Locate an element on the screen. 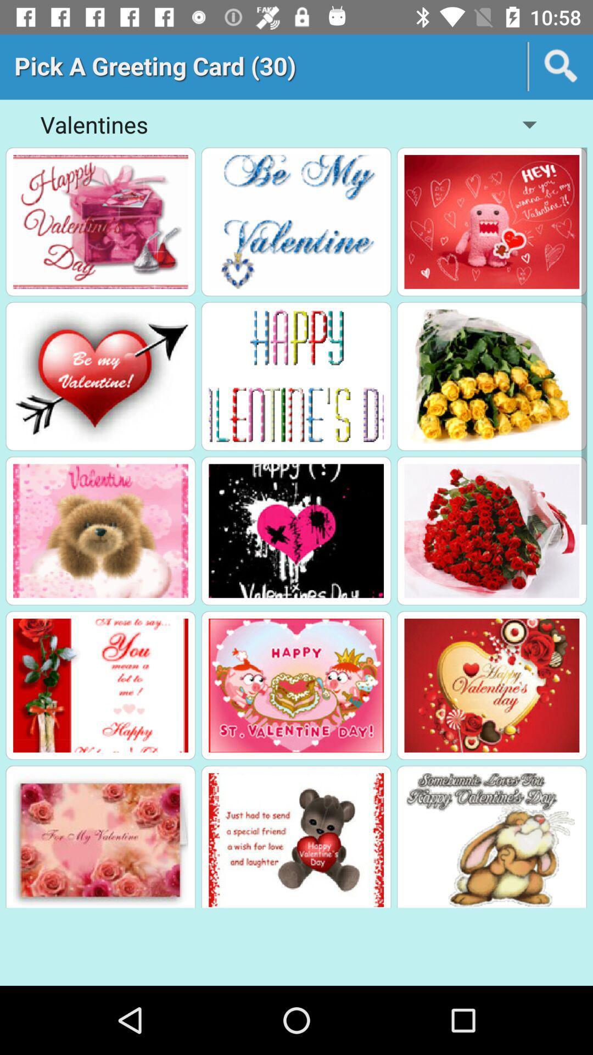 The width and height of the screenshot is (593, 1055). the last image in third column is located at coordinates (491, 840).